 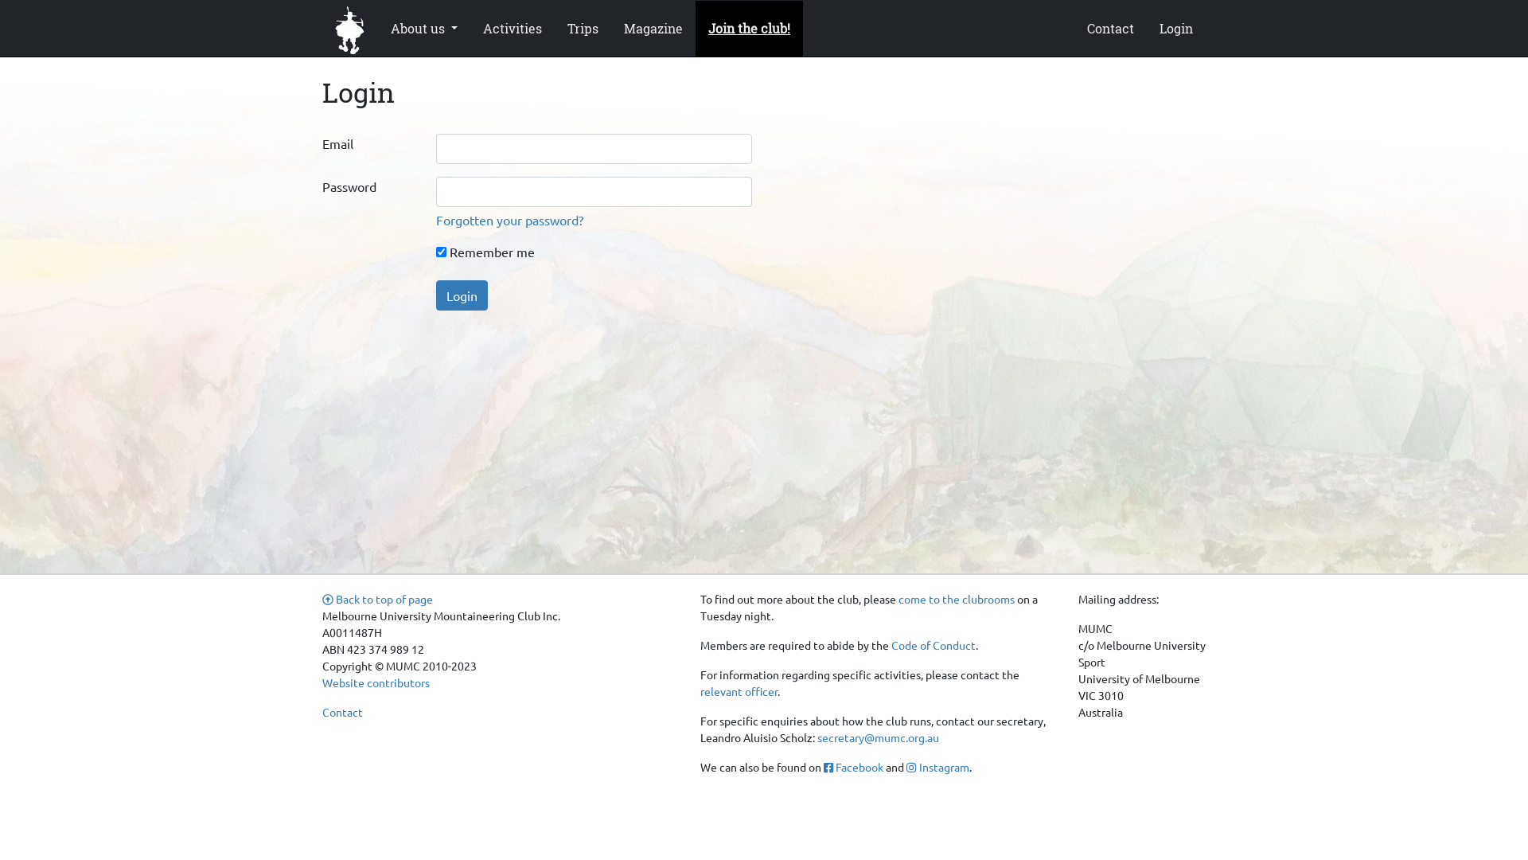 What do you see at coordinates (376, 599) in the screenshot?
I see `'Back to top of page'` at bounding box center [376, 599].